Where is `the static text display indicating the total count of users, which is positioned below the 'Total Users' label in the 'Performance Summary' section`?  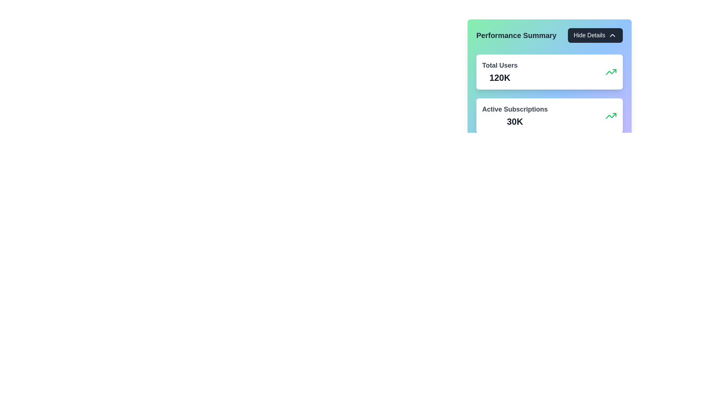
the static text display indicating the total count of users, which is positioned below the 'Total Users' label in the 'Performance Summary' section is located at coordinates (499, 78).